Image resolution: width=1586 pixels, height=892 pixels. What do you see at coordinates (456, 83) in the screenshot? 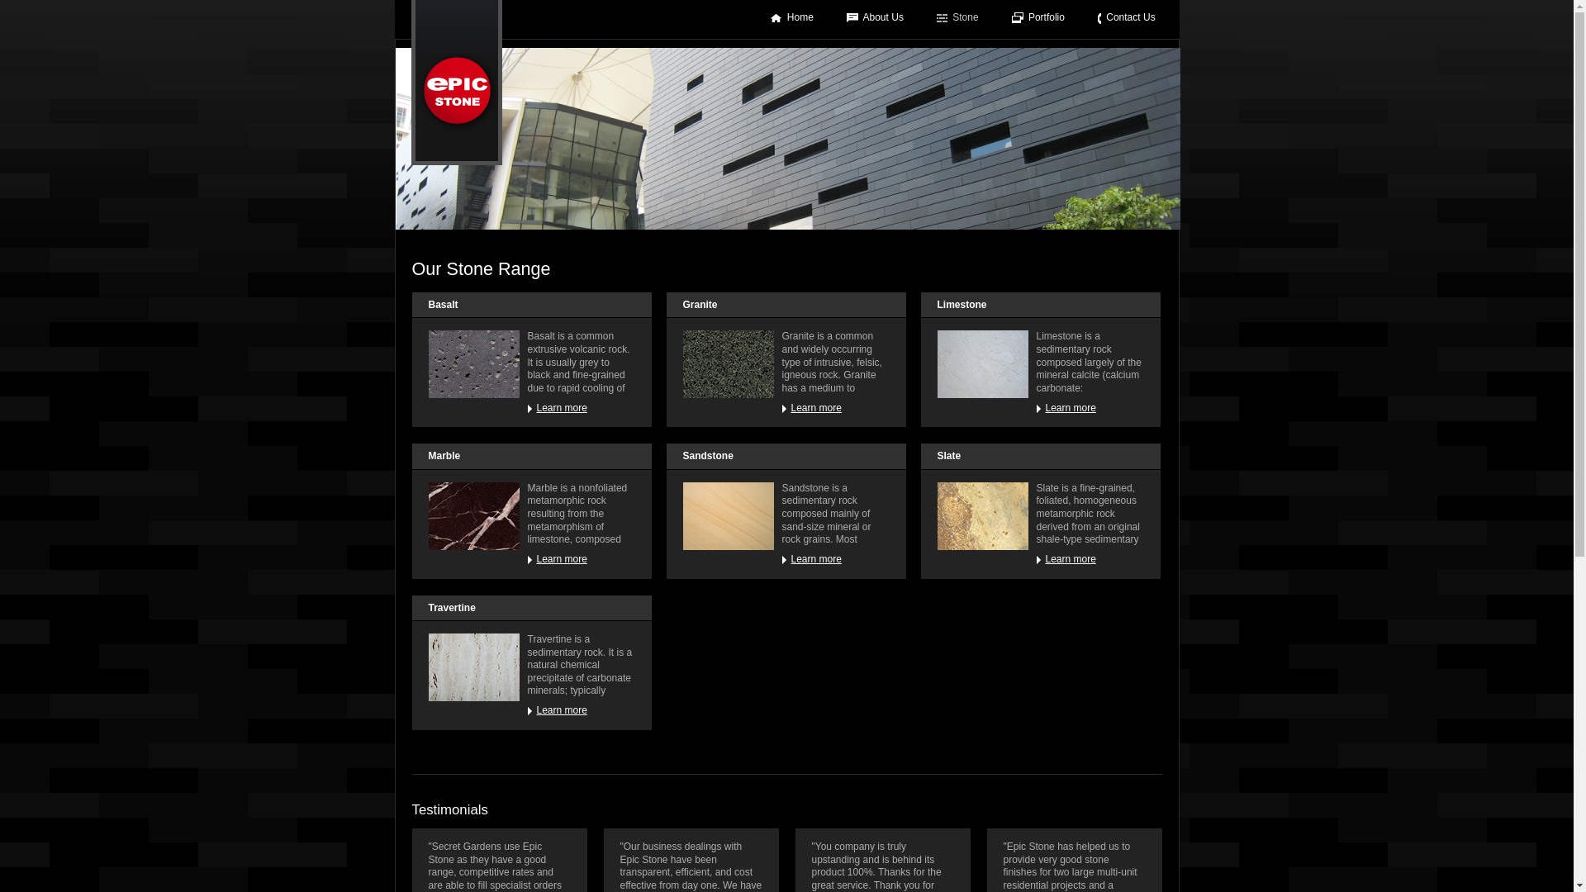
I see `'Epic Stone'` at bounding box center [456, 83].